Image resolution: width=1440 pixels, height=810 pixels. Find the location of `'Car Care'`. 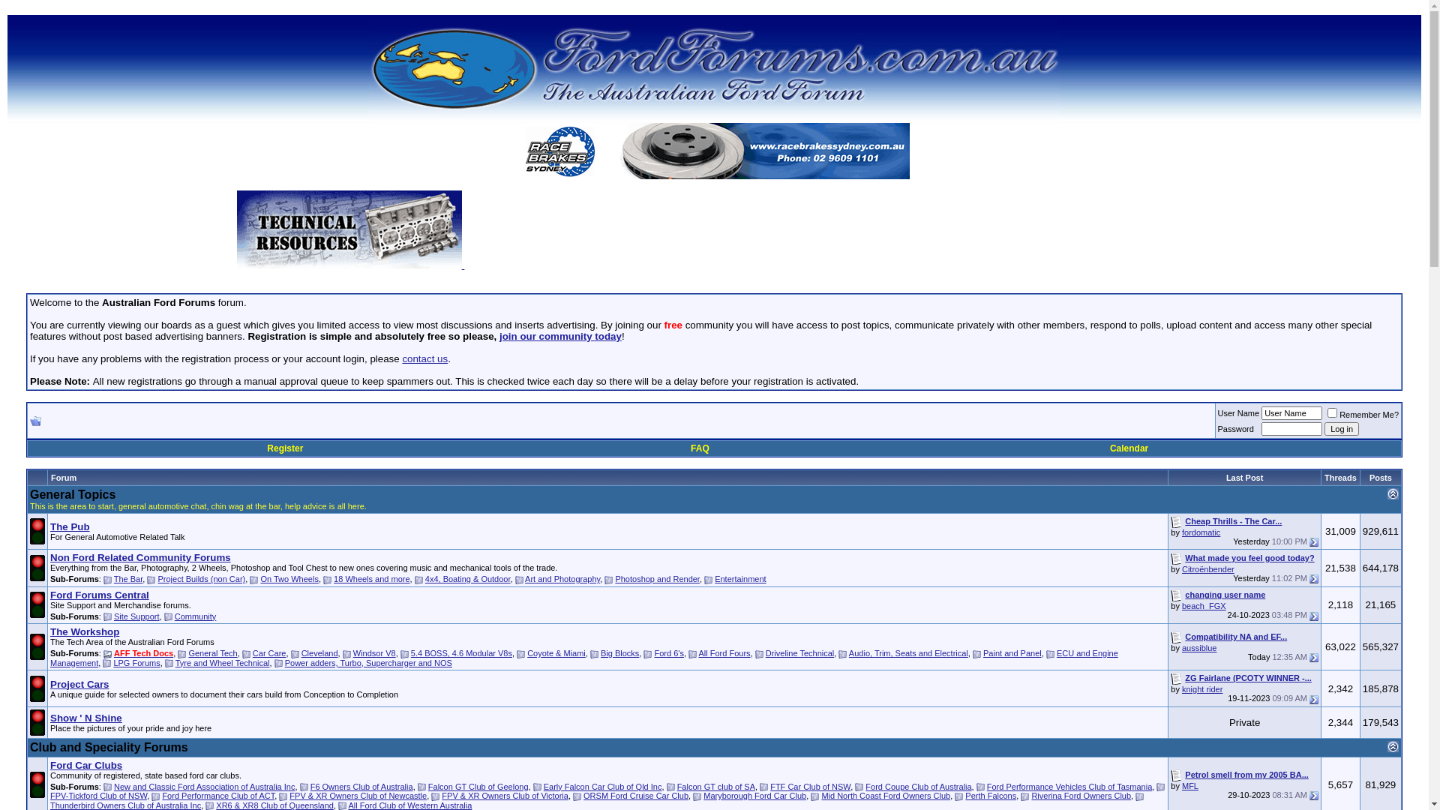

'Car Care' is located at coordinates (269, 652).